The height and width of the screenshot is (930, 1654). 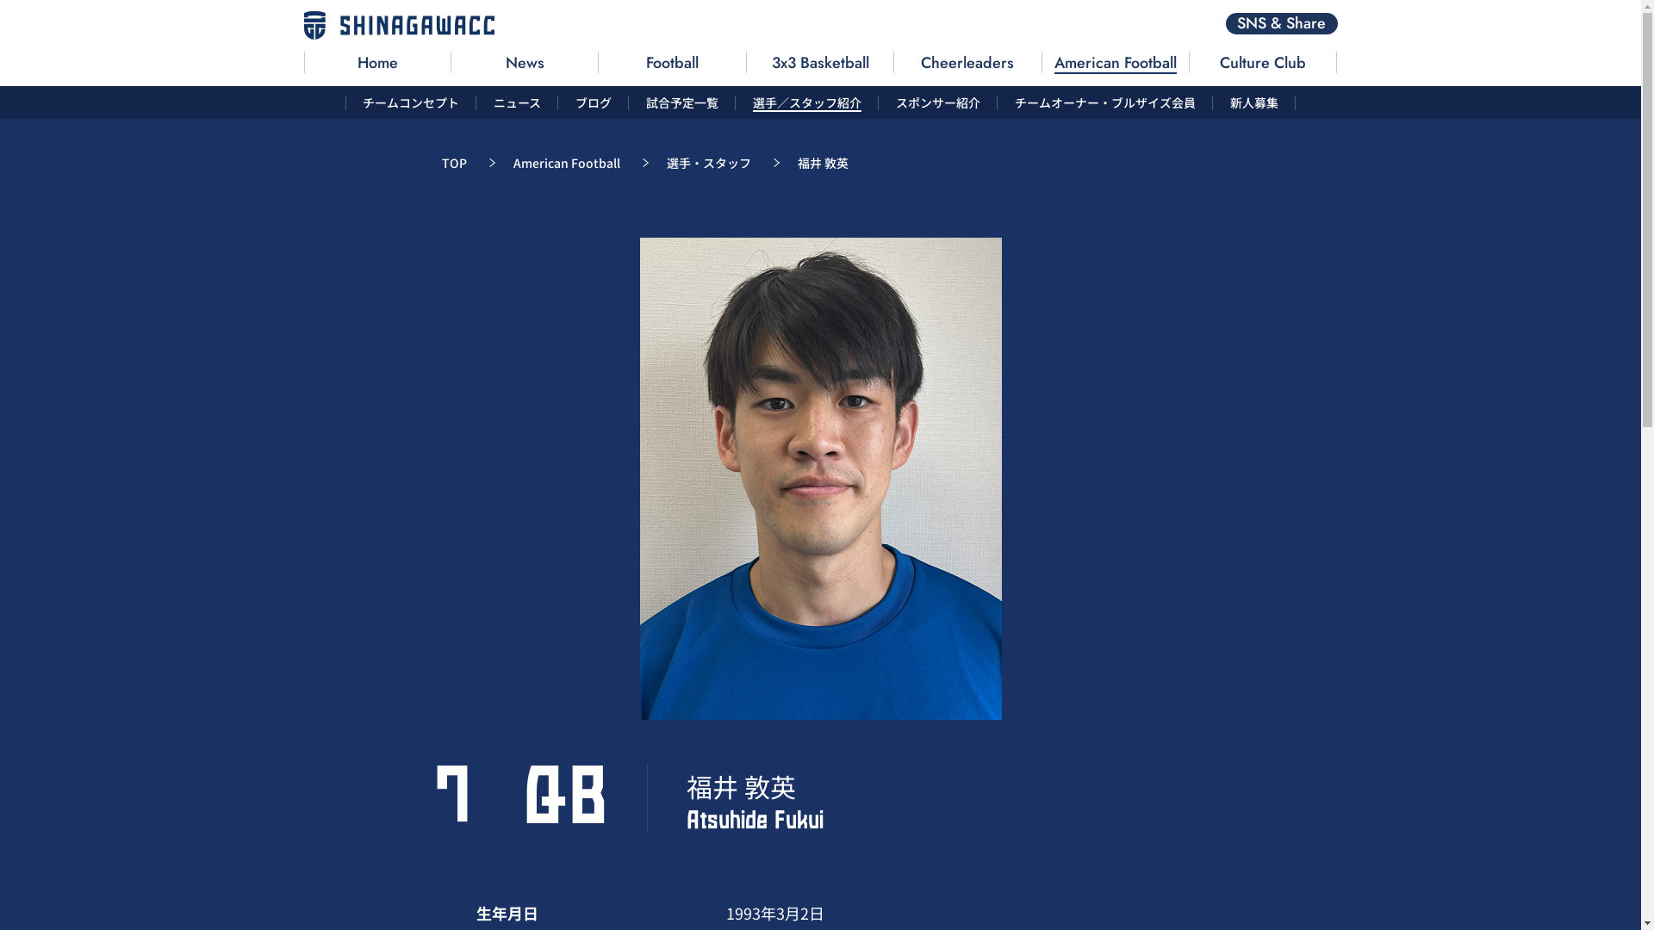 I want to click on 'TOP', so click(x=453, y=163).